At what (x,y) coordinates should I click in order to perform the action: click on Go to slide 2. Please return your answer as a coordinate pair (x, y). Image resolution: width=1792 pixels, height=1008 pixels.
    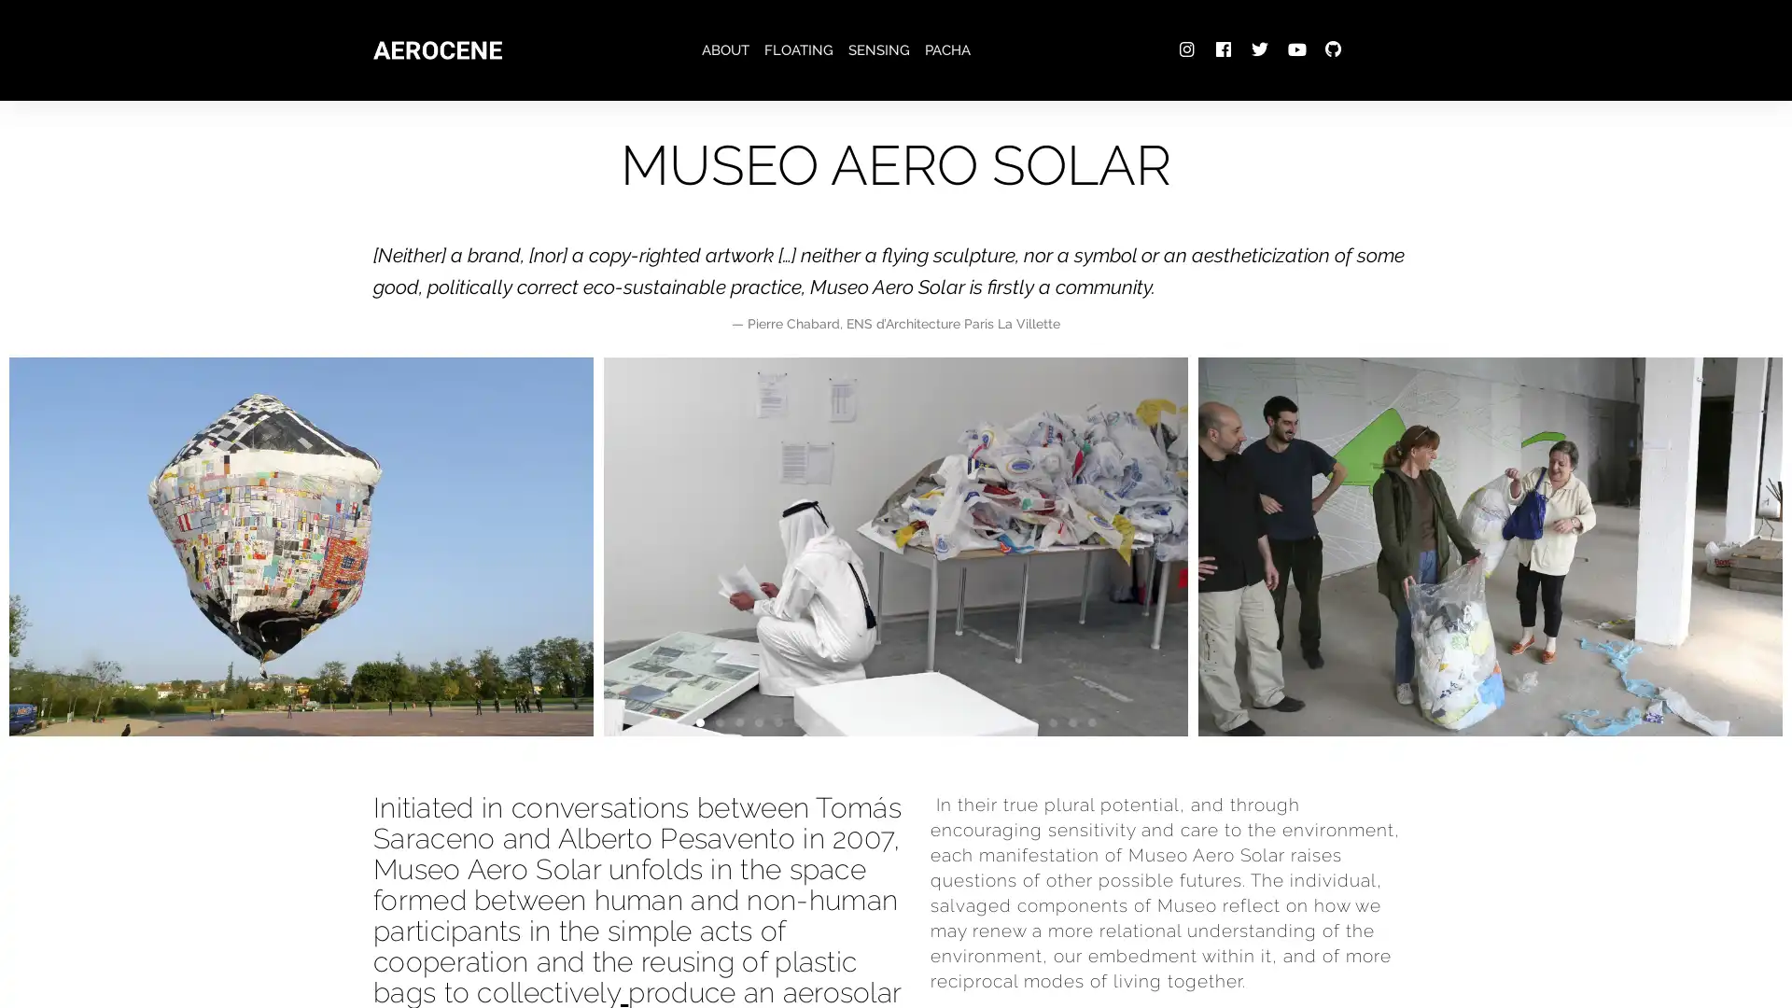
    Looking at the image, I should click on (718, 721).